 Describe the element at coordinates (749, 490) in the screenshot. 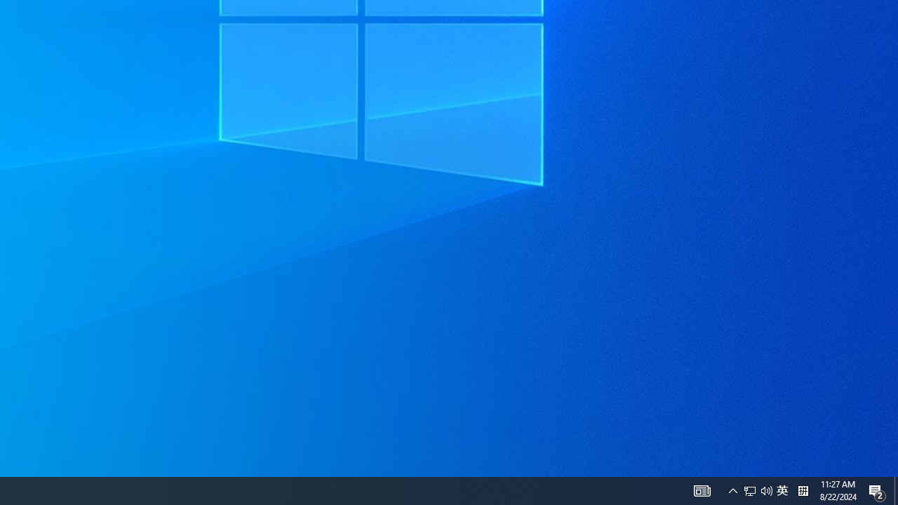

I see `'Q2790: 100%'` at that location.